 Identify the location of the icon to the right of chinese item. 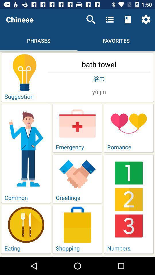
(91, 19).